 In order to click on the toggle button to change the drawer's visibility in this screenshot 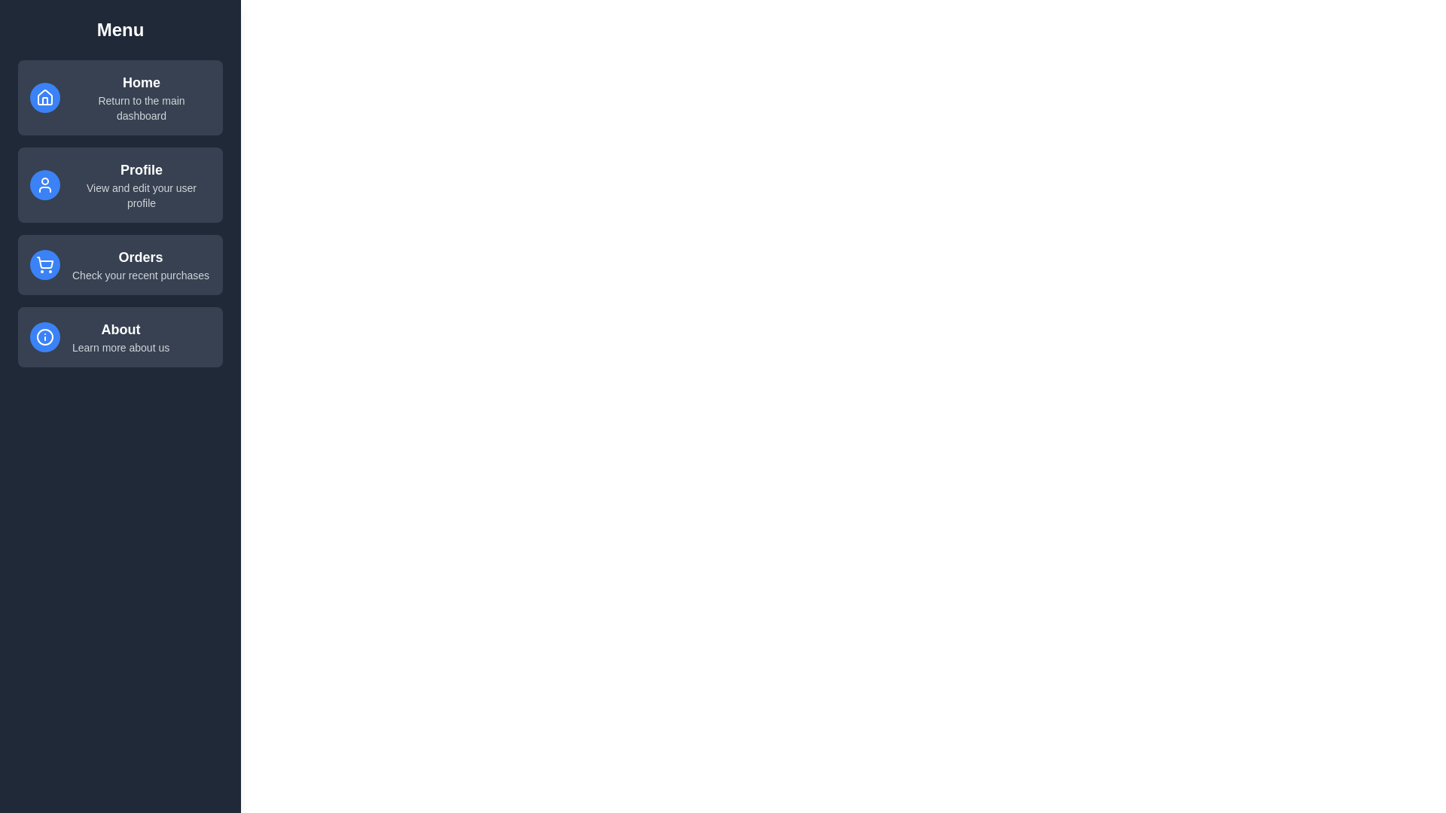, I will do `click(32, 32)`.